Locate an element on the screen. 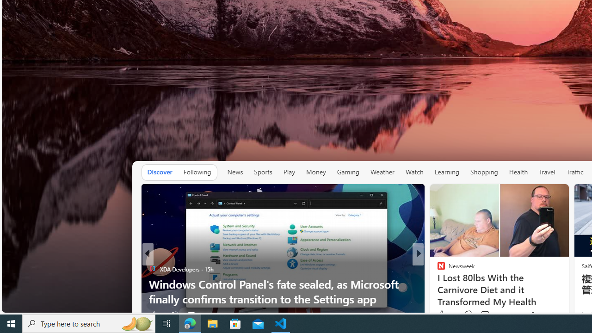 Image resolution: width=592 pixels, height=333 pixels. '186 Like' is located at coordinates (443, 314).